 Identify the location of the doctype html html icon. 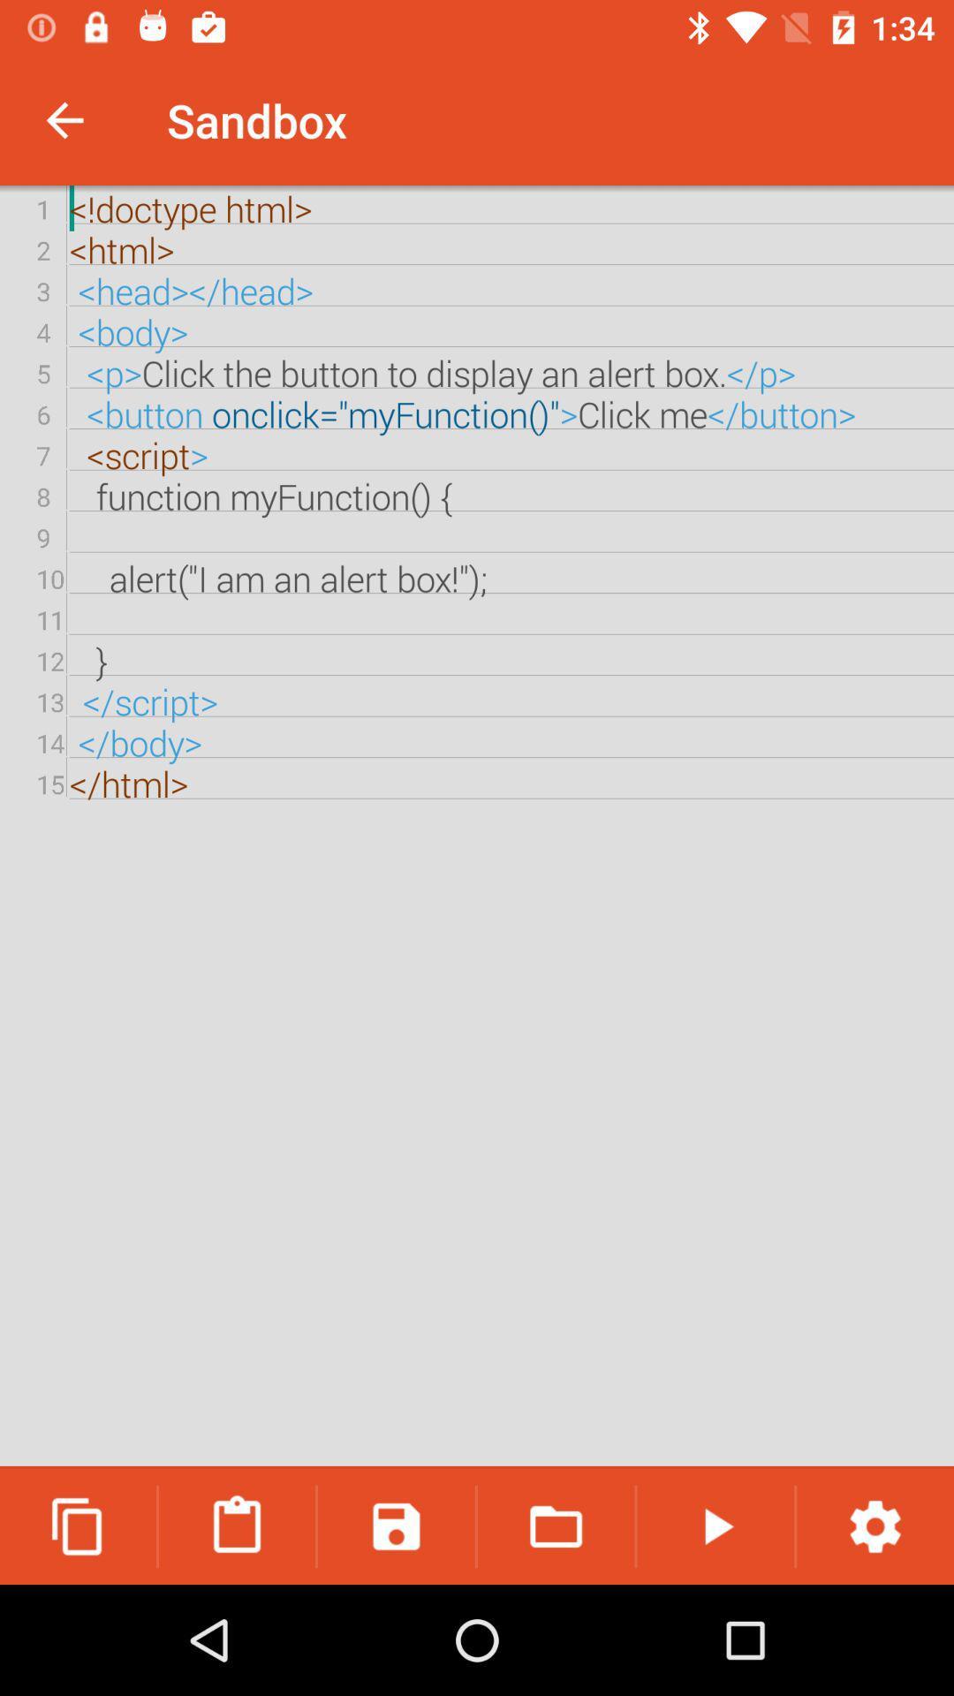
(477, 826).